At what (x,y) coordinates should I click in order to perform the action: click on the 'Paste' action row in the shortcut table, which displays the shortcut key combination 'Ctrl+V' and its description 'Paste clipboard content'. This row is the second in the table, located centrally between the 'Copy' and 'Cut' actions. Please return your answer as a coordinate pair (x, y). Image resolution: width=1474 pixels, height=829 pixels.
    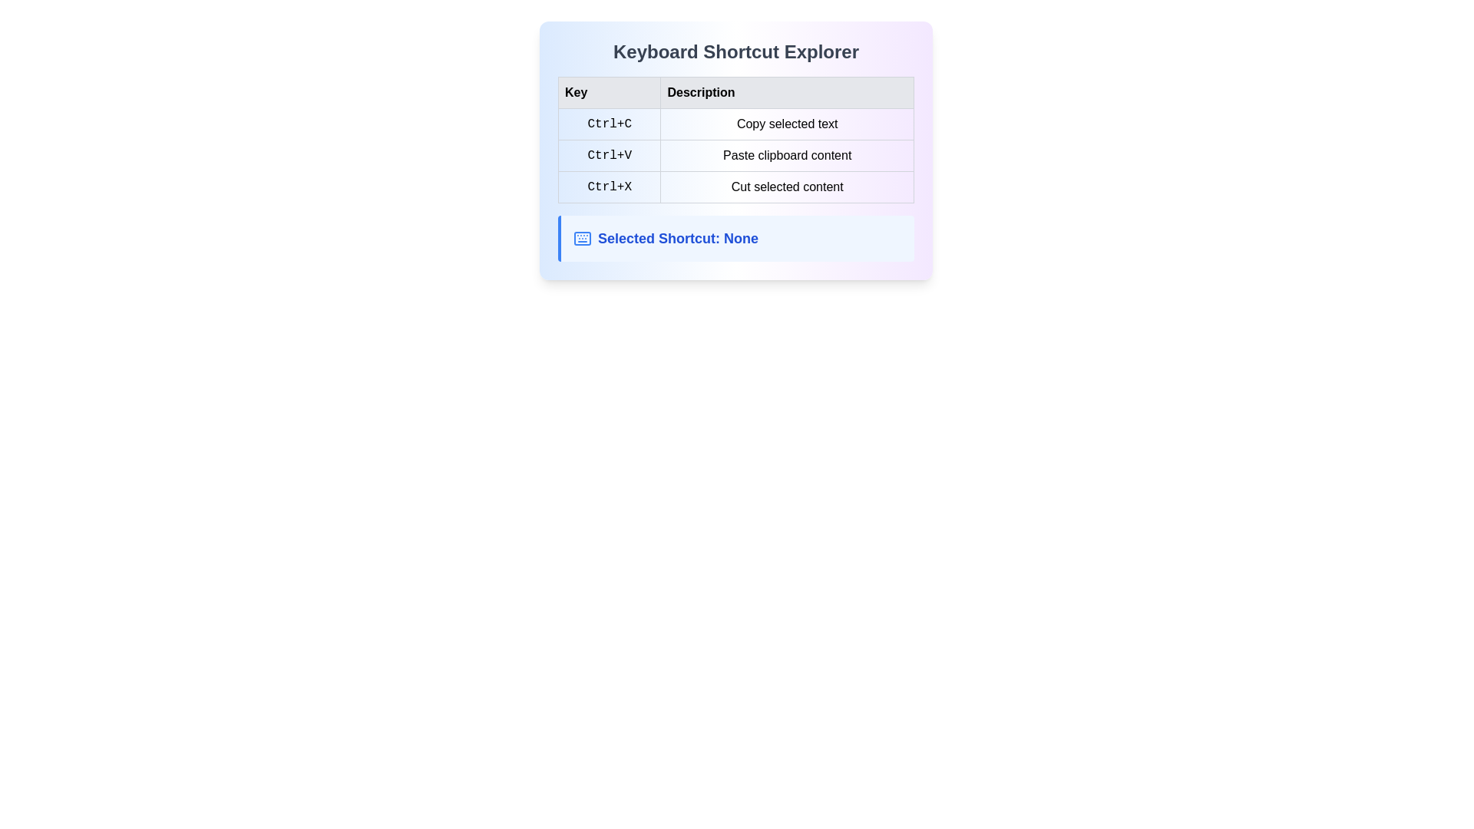
    Looking at the image, I should click on (735, 156).